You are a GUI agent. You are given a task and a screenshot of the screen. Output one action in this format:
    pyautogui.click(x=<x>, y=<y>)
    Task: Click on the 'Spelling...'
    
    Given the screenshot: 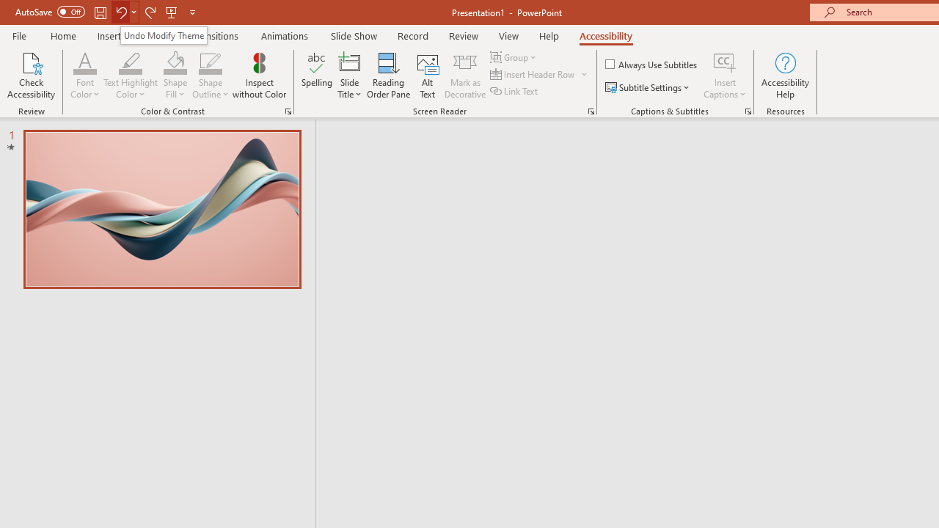 What is the action you would take?
    pyautogui.click(x=316, y=76)
    